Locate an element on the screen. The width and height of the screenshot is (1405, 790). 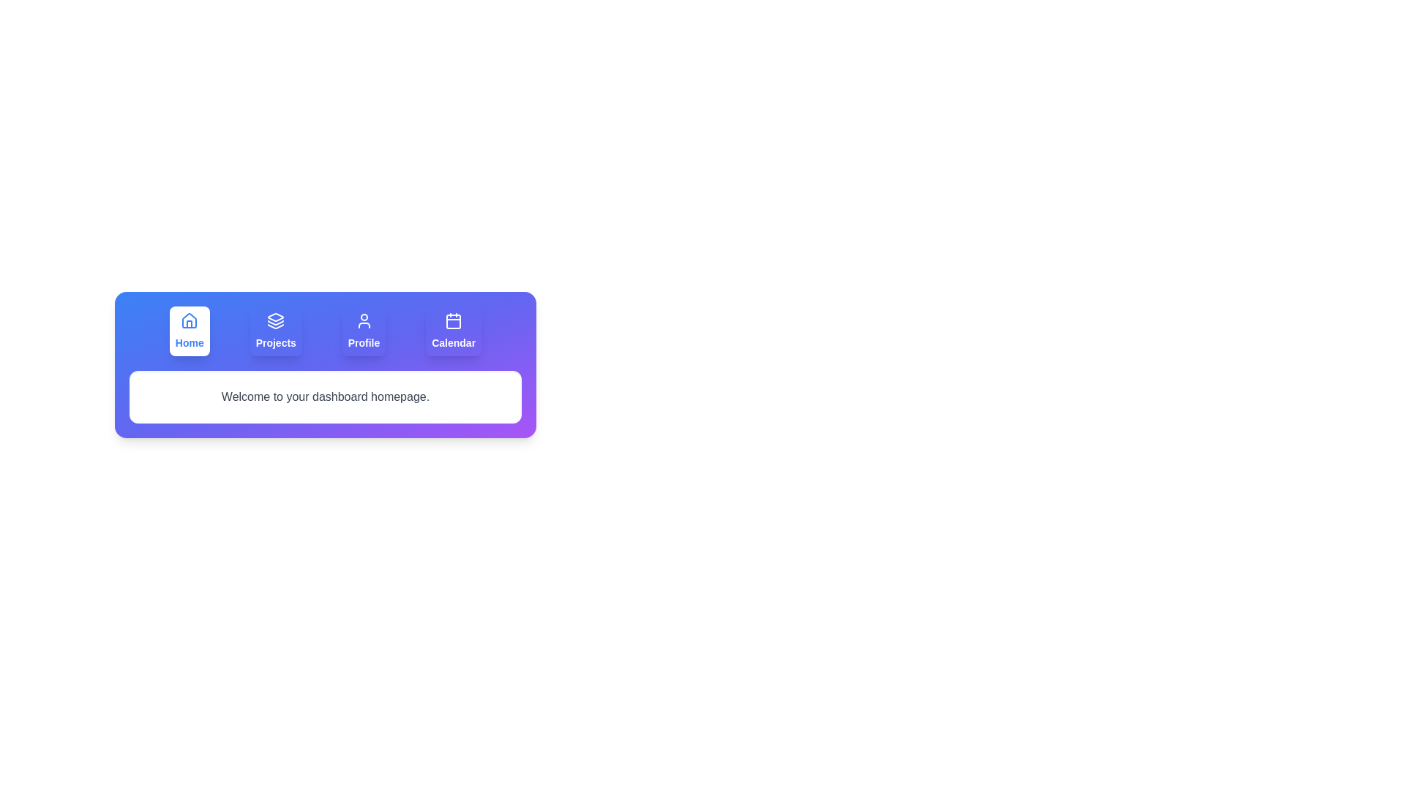
the Home tab by clicking on its corresponding button is located at coordinates (189, 331).